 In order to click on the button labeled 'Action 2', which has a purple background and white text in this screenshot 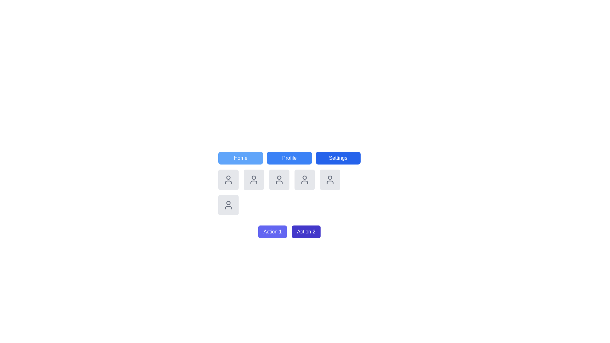, I will do `click(306, 232)`.